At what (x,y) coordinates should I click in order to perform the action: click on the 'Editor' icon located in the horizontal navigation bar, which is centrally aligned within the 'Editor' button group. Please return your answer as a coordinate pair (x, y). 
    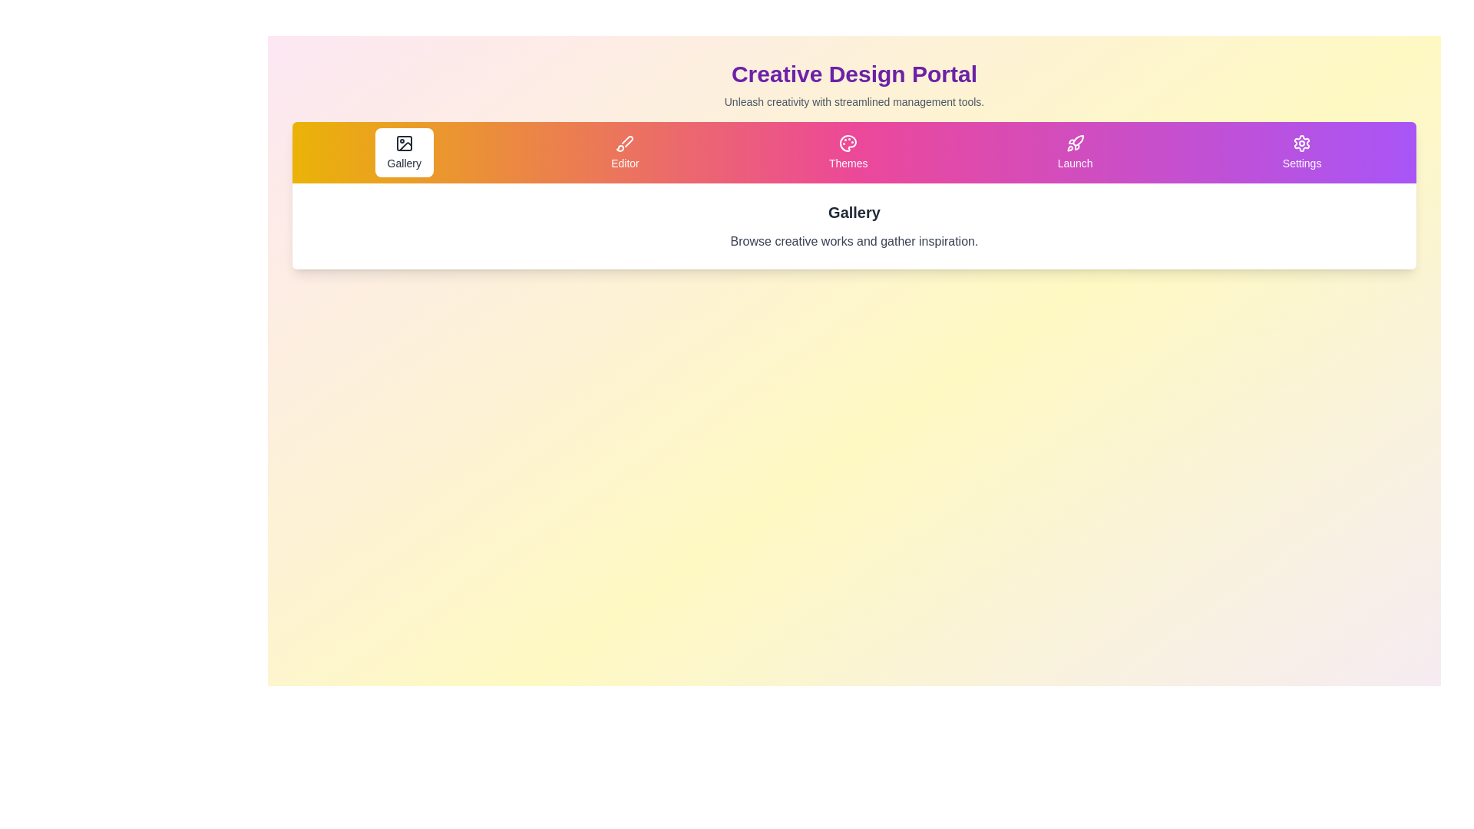
    Looking at the image, I should click on (625, 143).